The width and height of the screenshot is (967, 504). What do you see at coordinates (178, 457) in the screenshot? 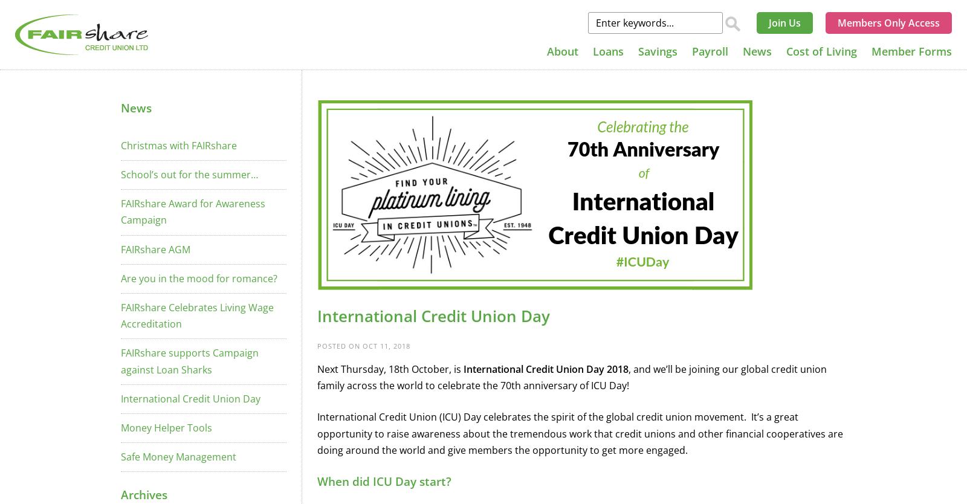
I see `'Safe Money Management'` at bounding box center [178, 457].